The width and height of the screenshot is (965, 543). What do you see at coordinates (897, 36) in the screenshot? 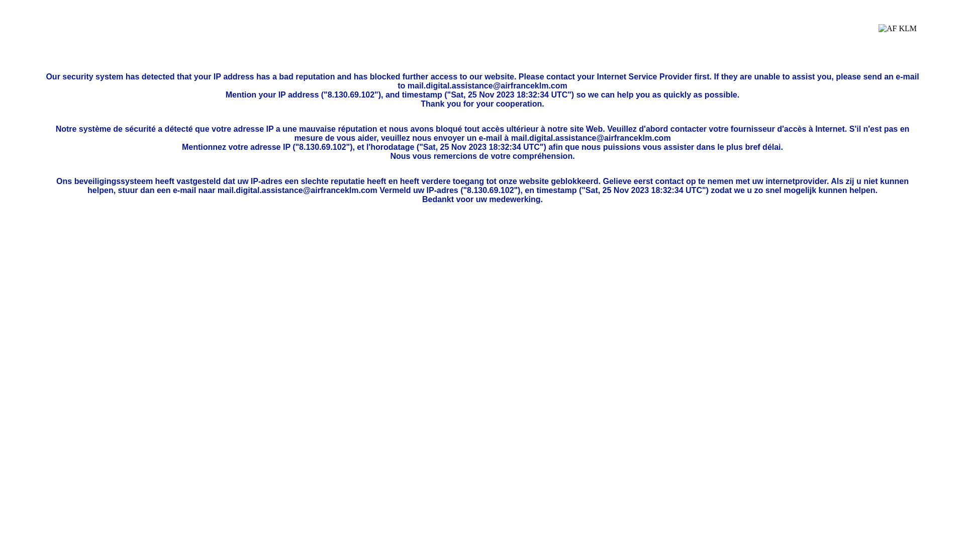
I see `'AF KLM'` at bounding box center [897, 36].